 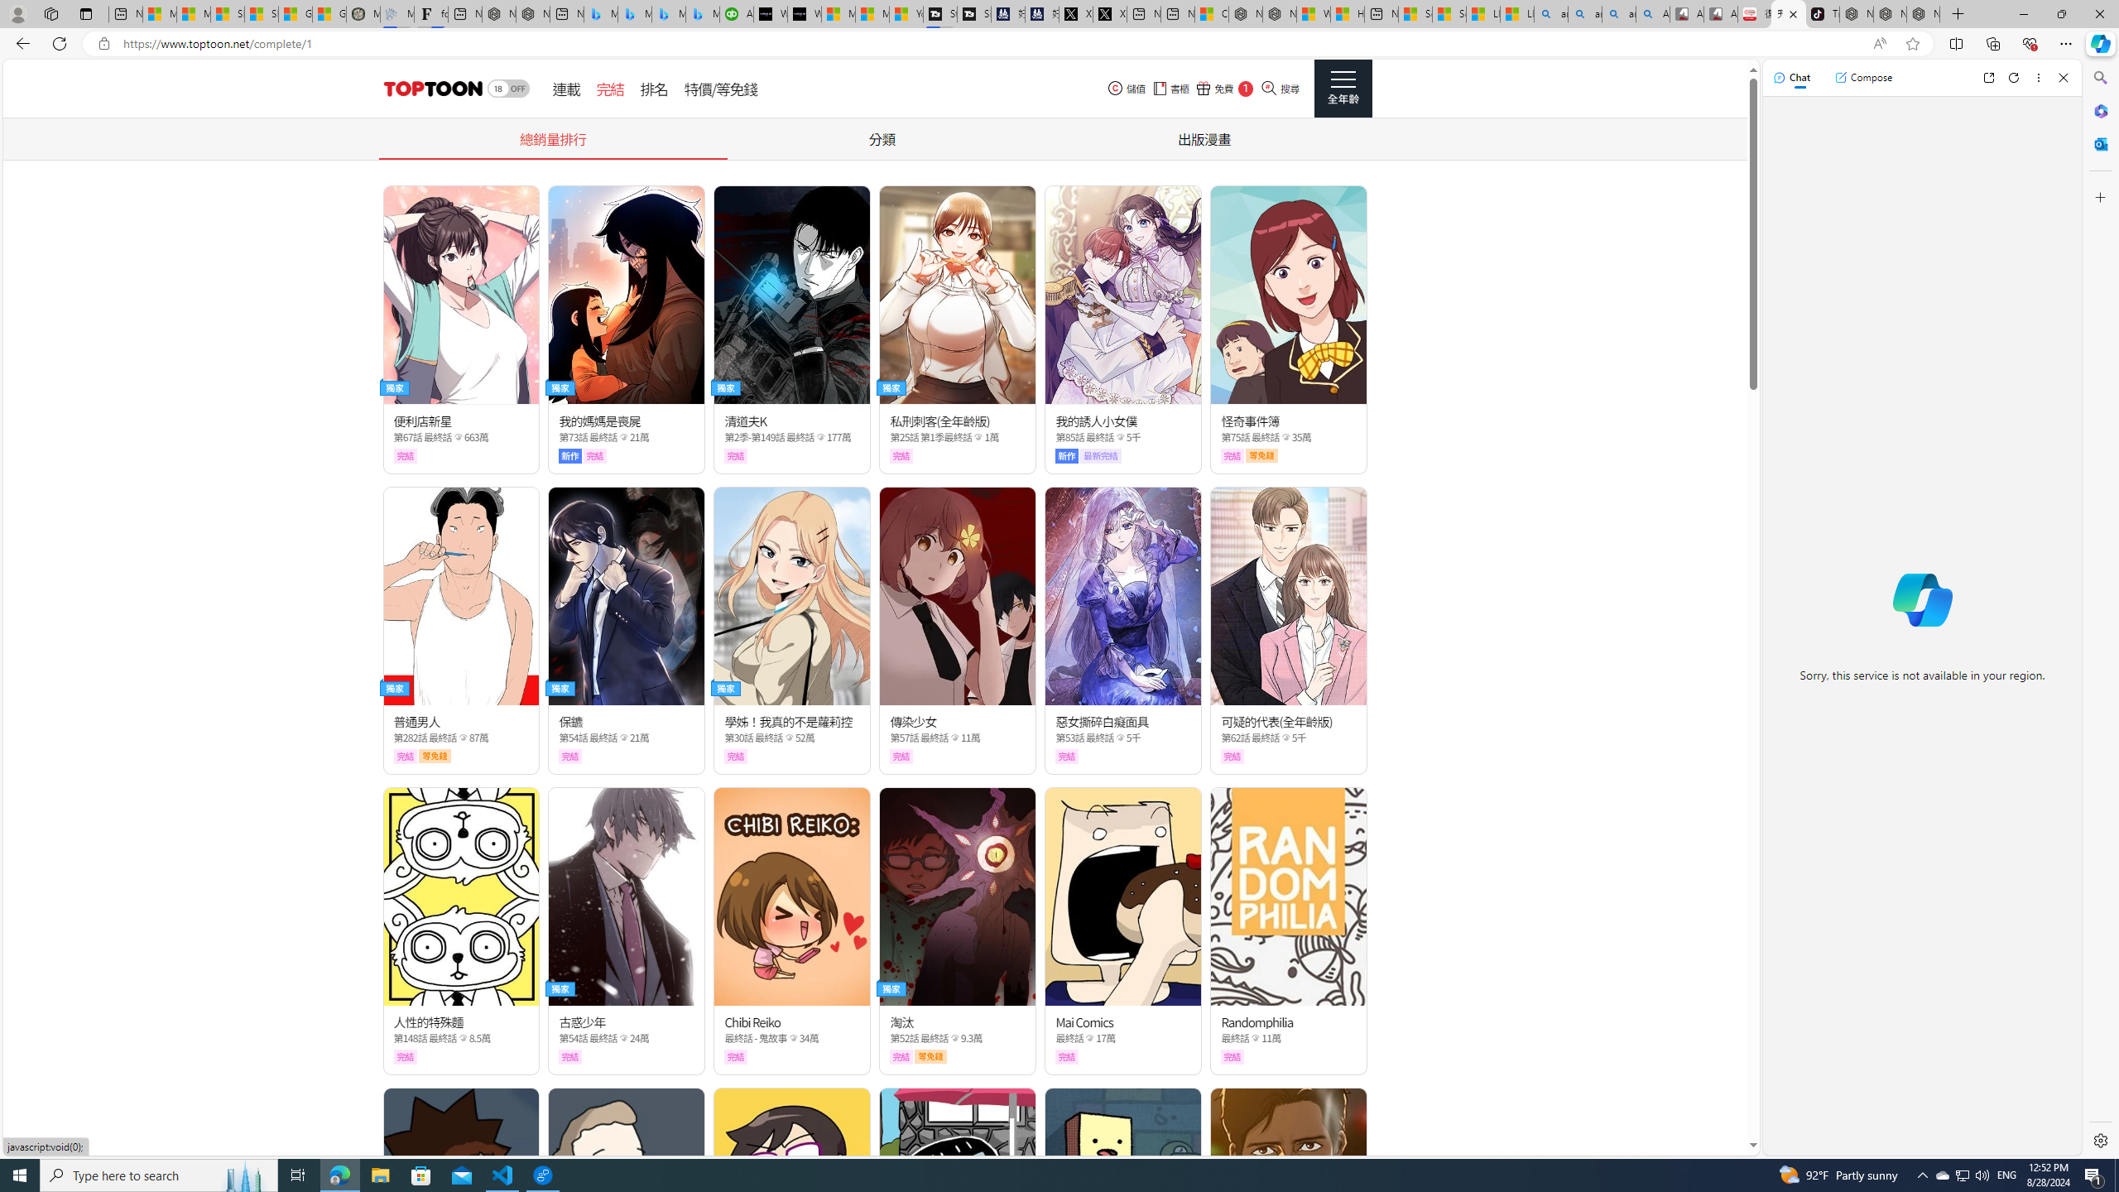 I want to click on 'Compose', so click(x=1862, y=76).